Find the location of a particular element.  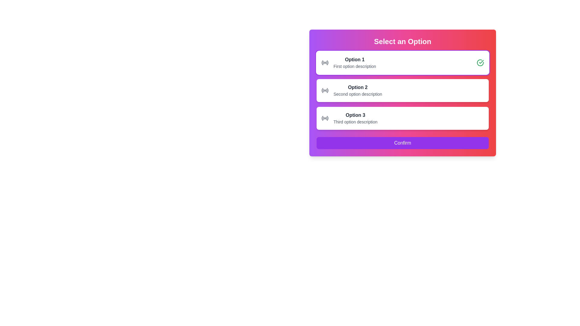

the text label that identifies the 'Option 2' selection group, located slightly above the descriptive text for 'Option 2' is located at coordinates (358, 87).